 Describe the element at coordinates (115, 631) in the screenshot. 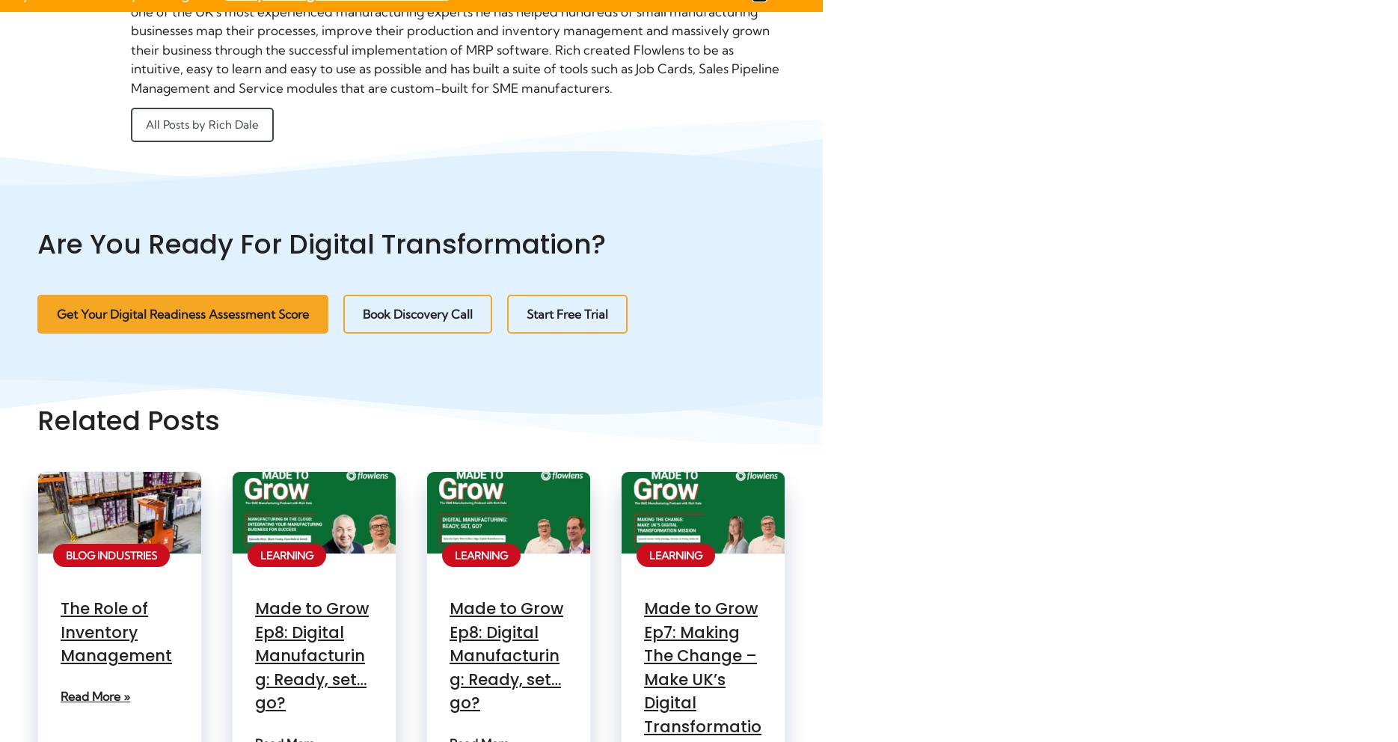

I see `'The Role of Inventory Management'` at that location.